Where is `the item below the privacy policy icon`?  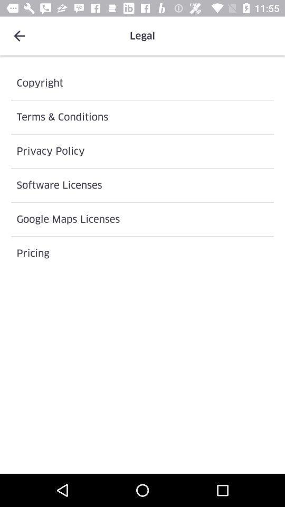
the item below the privacy policy icon is located at coordinates (142, 185).